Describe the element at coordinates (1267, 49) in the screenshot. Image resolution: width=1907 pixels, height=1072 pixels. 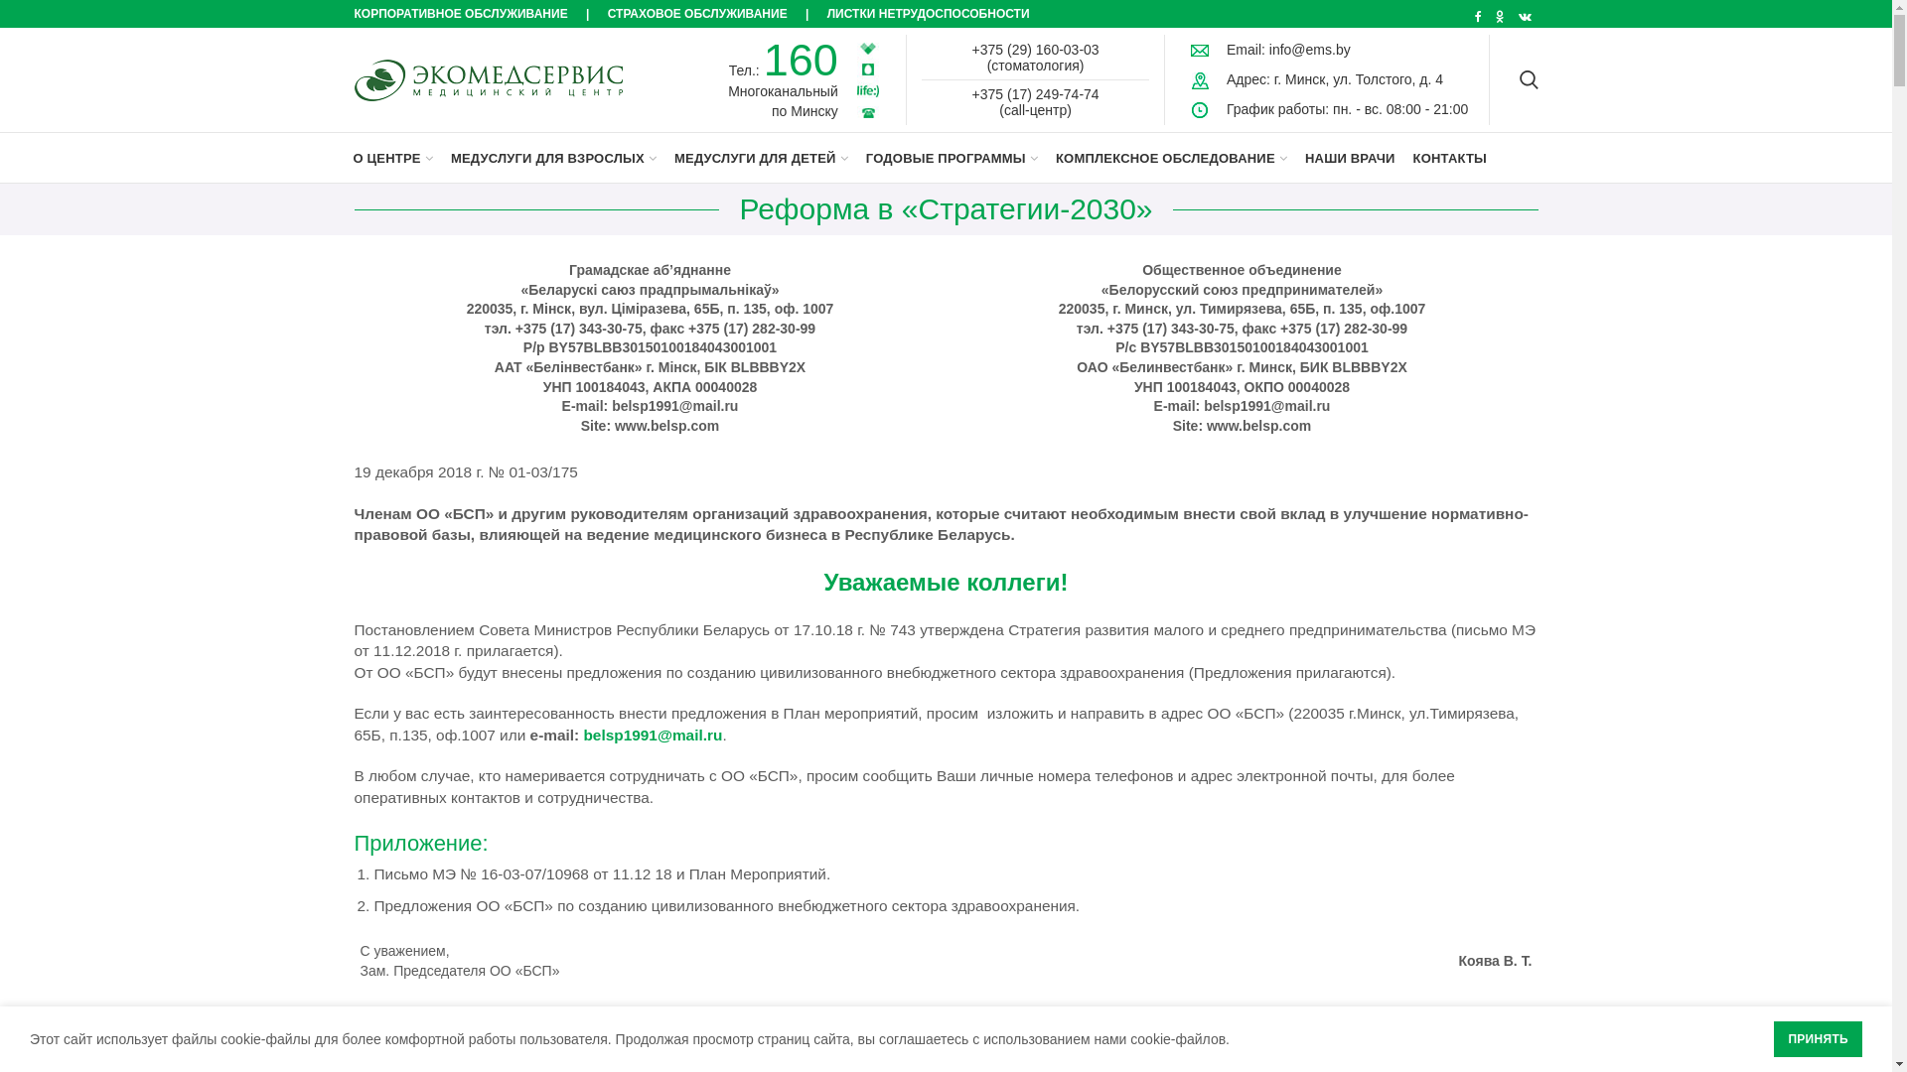
I see `'info@ems.by'` at that location.